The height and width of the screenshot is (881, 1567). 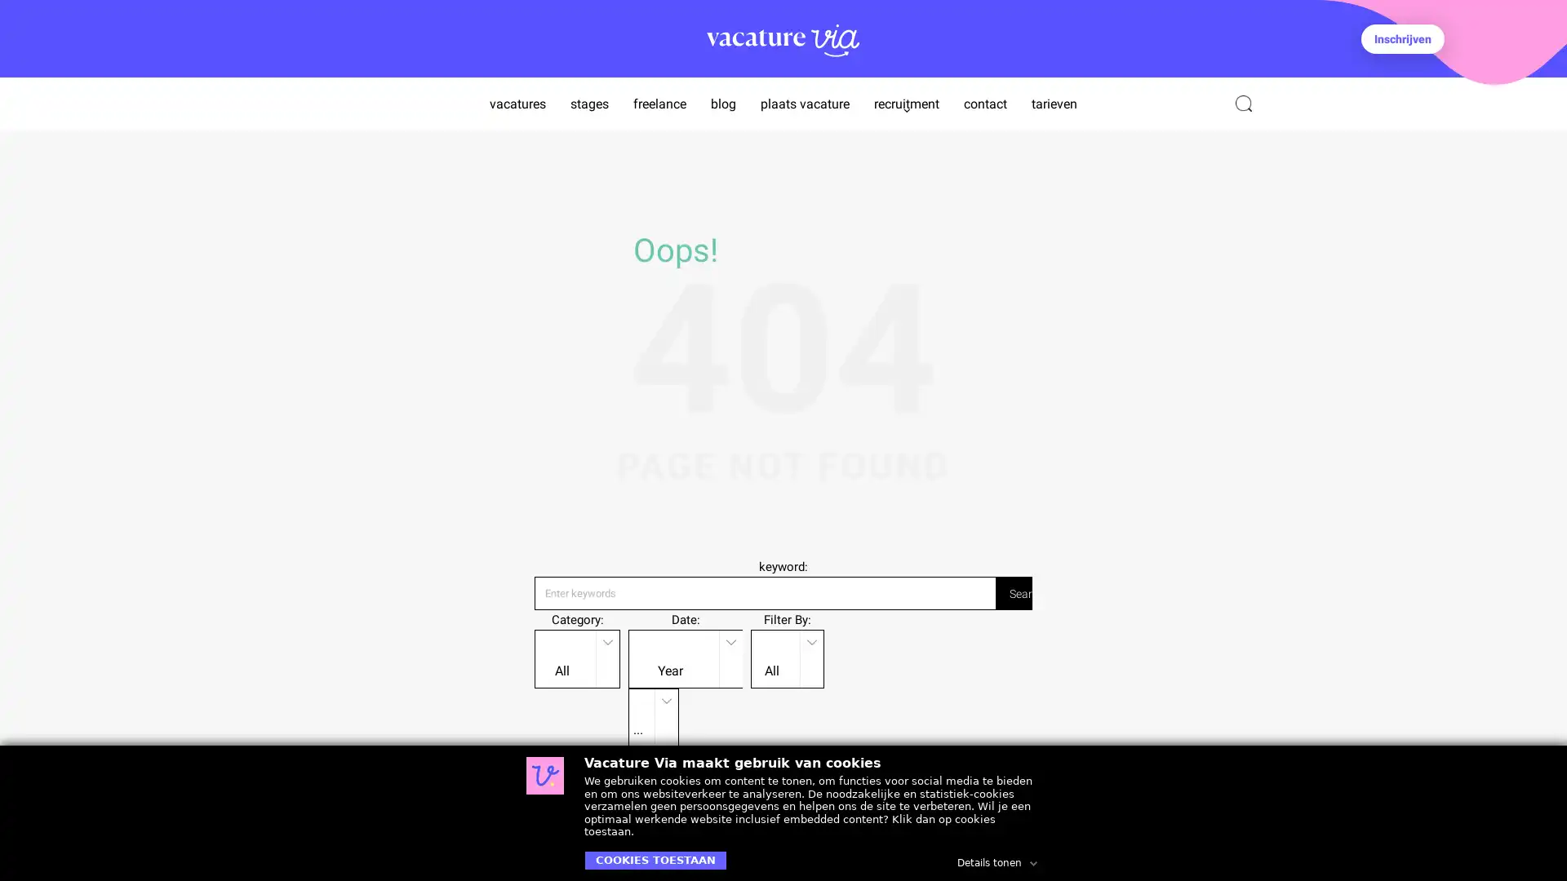 What do you see at coordinates (787, 657) in the screenshot?
I see `All All` at bounding box center [787, 657].